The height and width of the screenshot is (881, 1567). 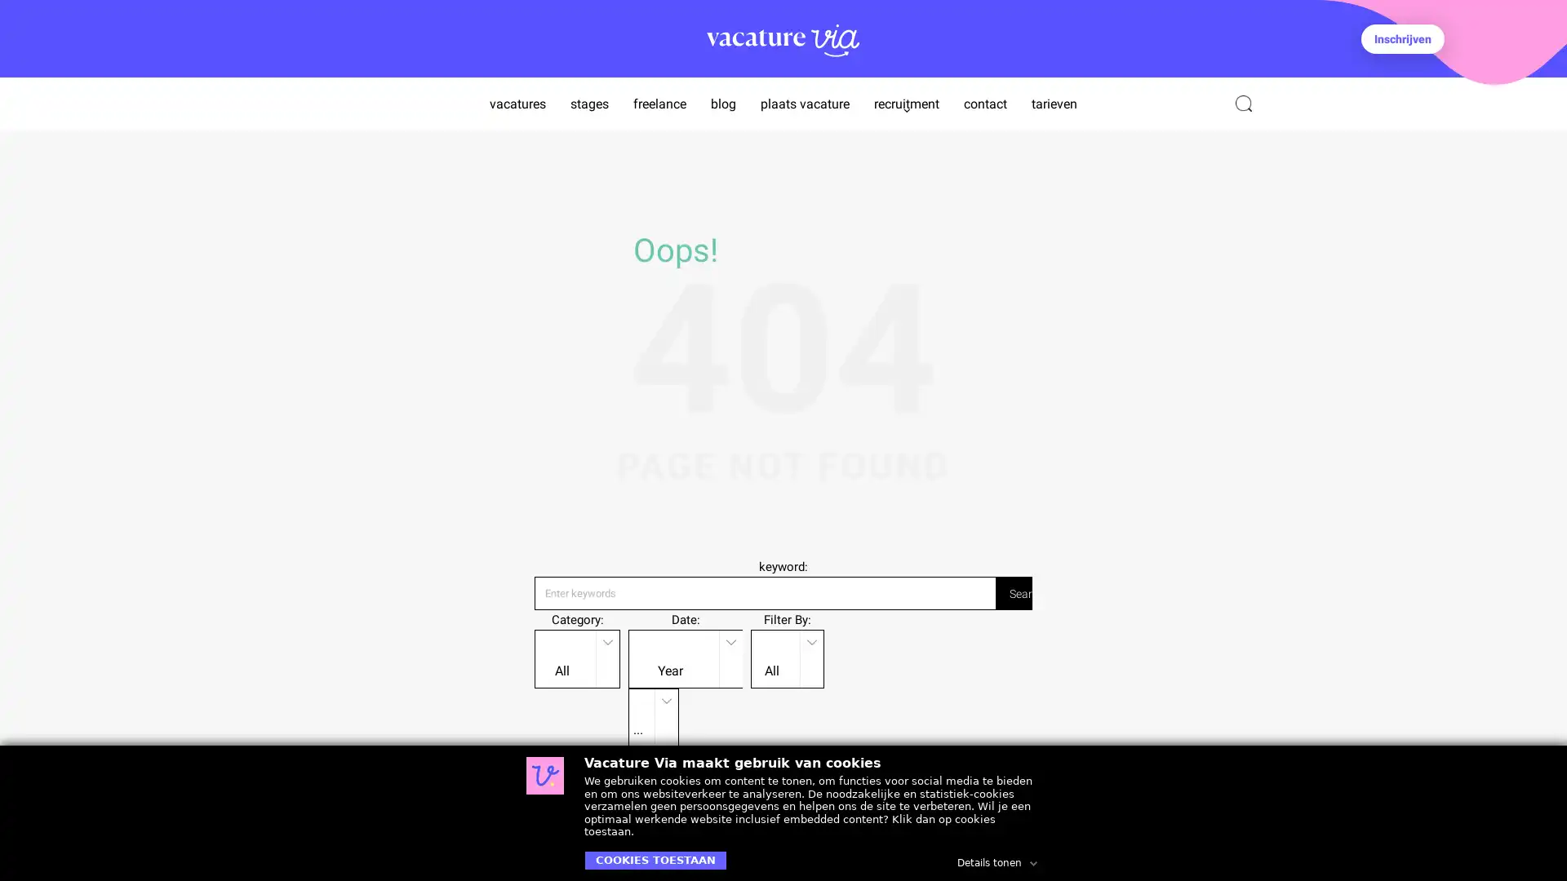 What do you see at coordinates (787, 657) in the screenshot?
I see `All All` at bounding box center [787, 657].